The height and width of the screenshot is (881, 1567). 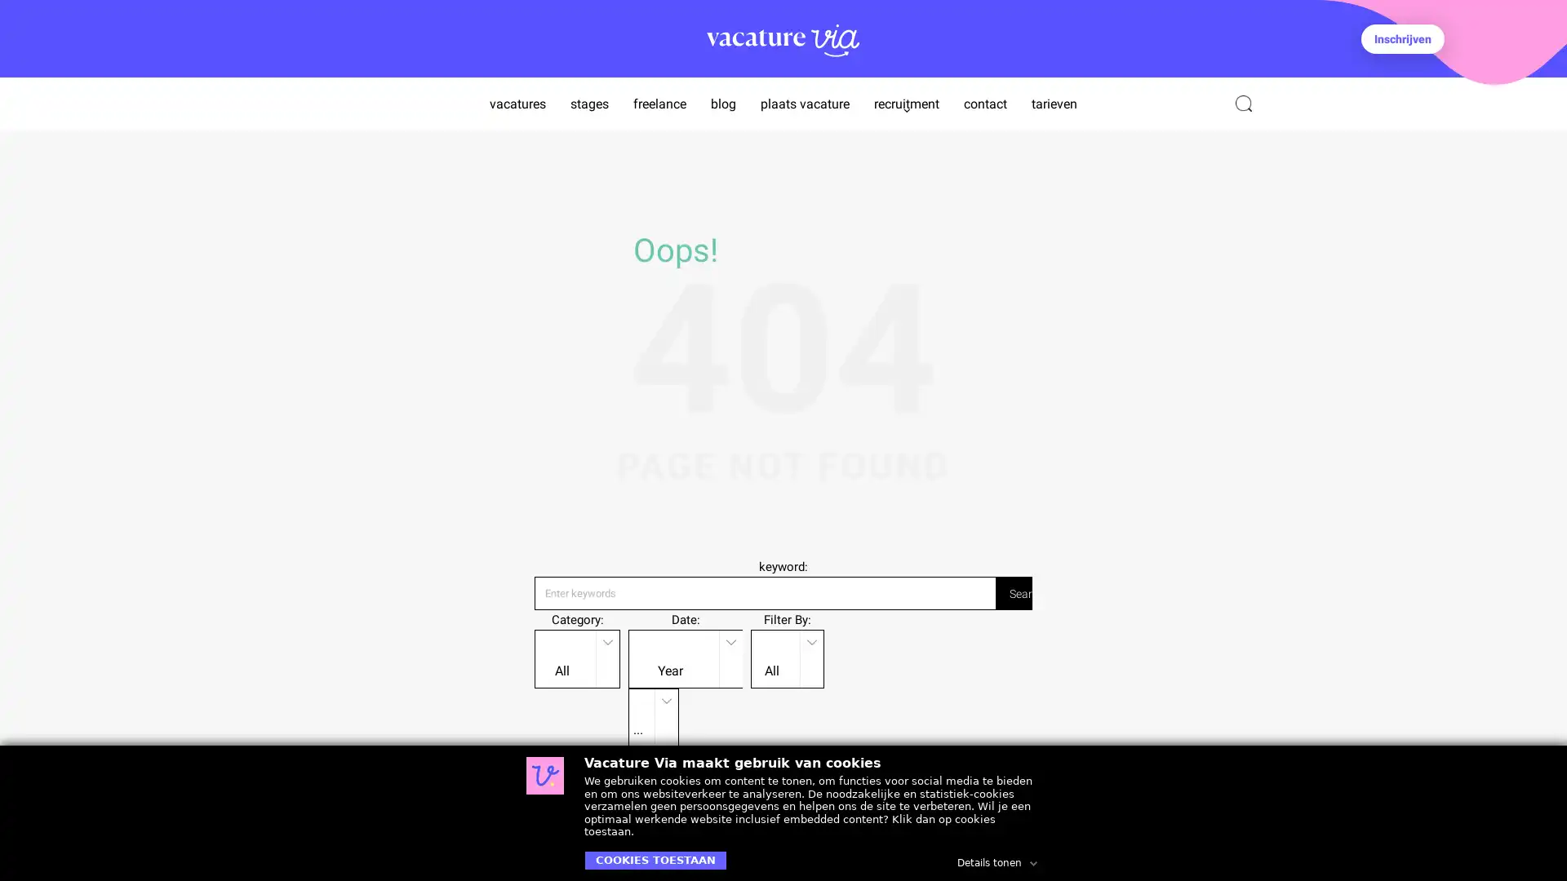 What do you see at coordinates (787, 657) in the screenshot?
I see `All All` at bounding box center [787, 657].